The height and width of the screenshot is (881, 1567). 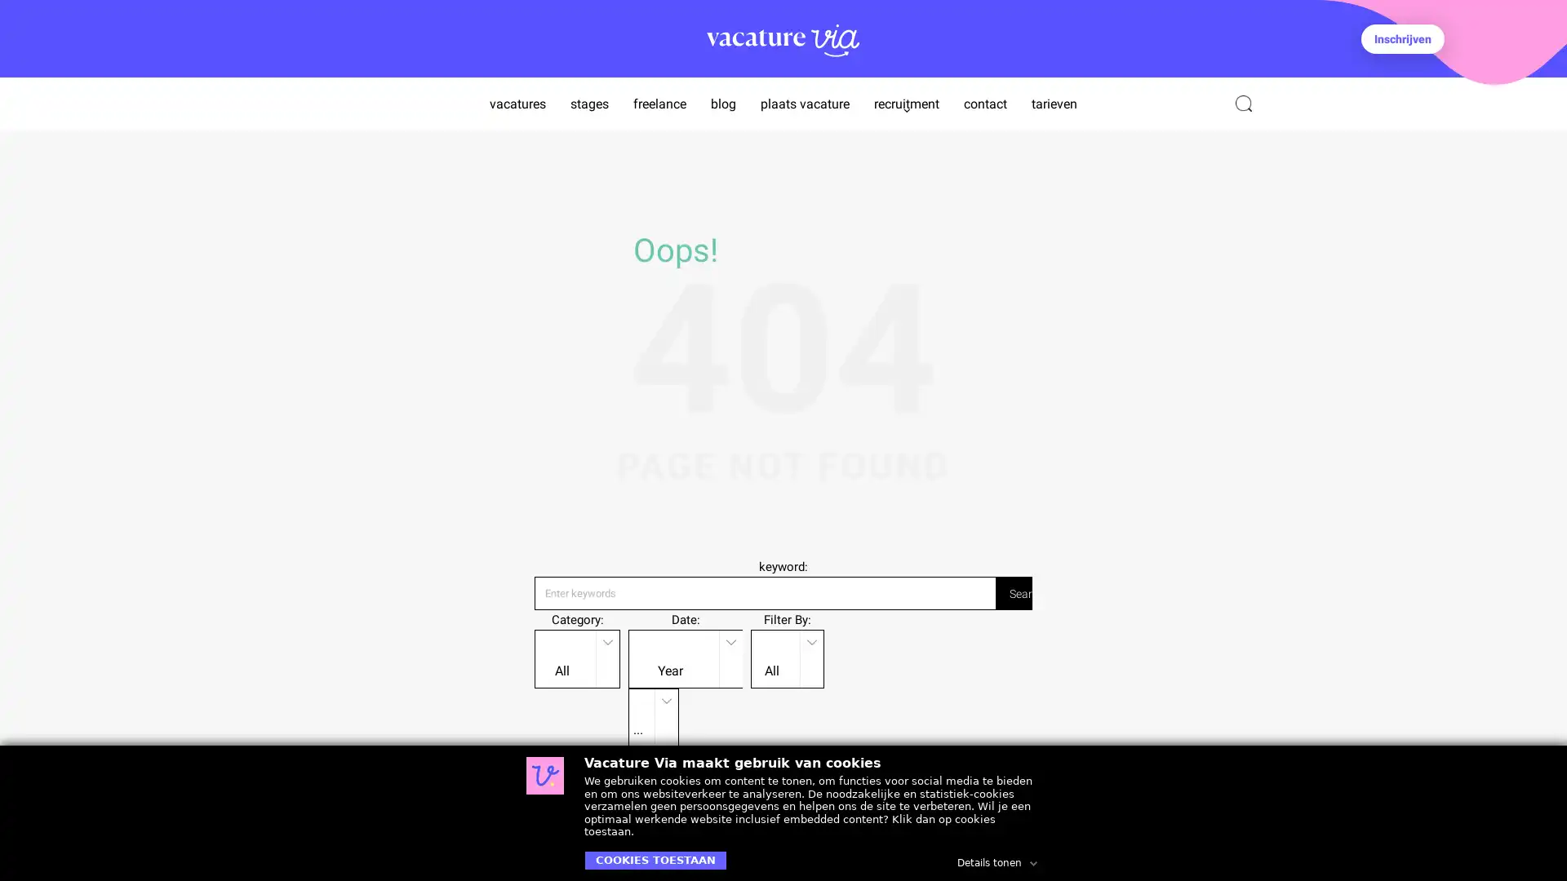 What do you see at coordinates (787, 657) in the screenshot?
I see `All All` at bounding box center [787, 657].